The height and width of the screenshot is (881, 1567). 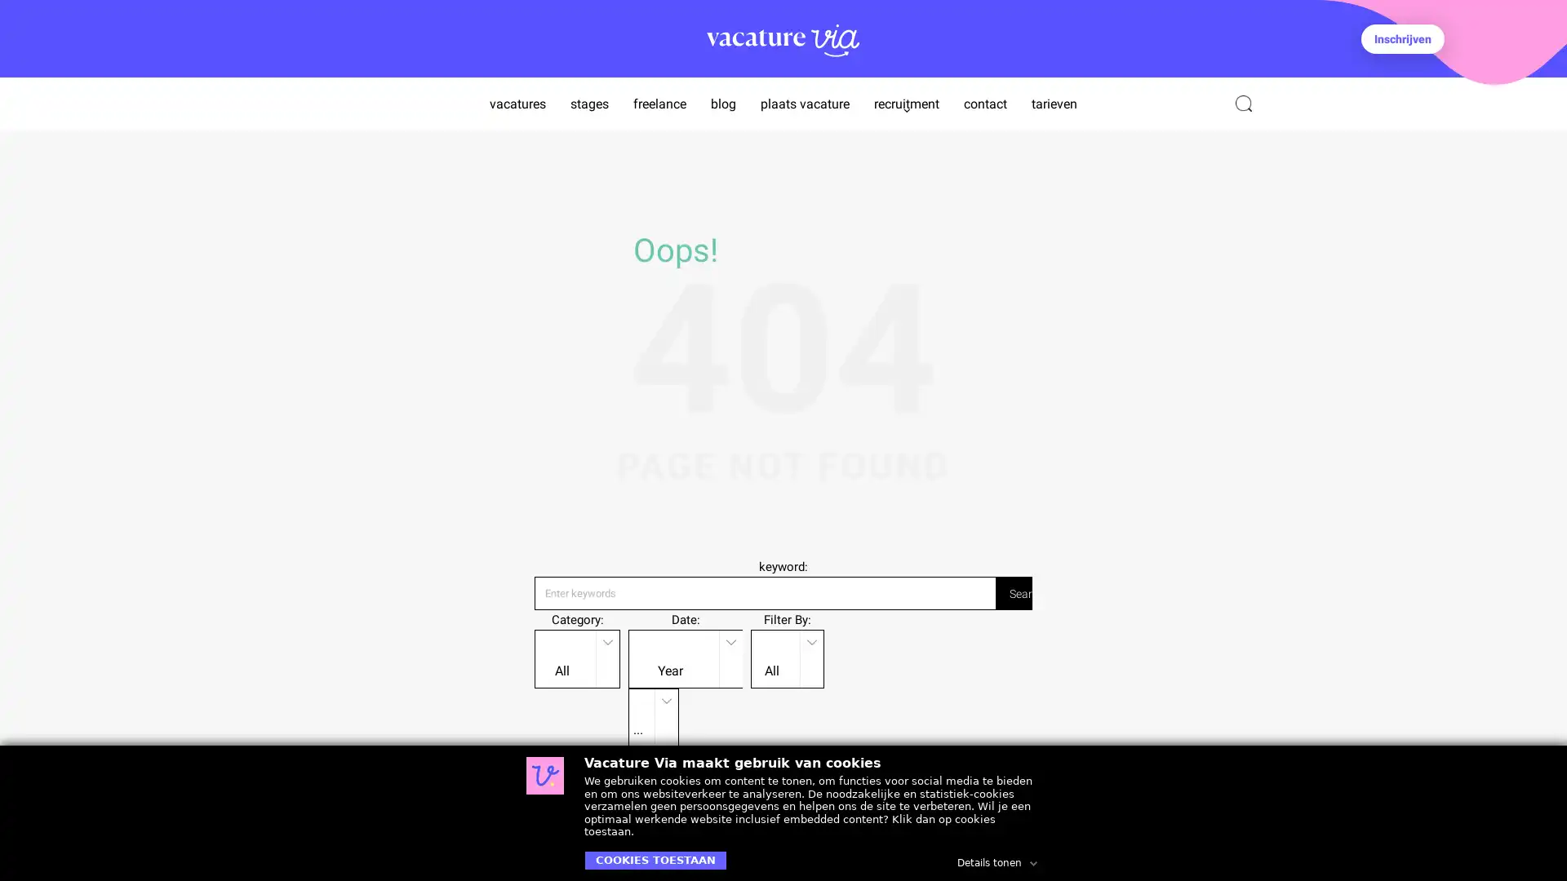 What do you see at coordinates (787, 657) in the screenshot?
I see `All All` at bounding box center [787, 657].